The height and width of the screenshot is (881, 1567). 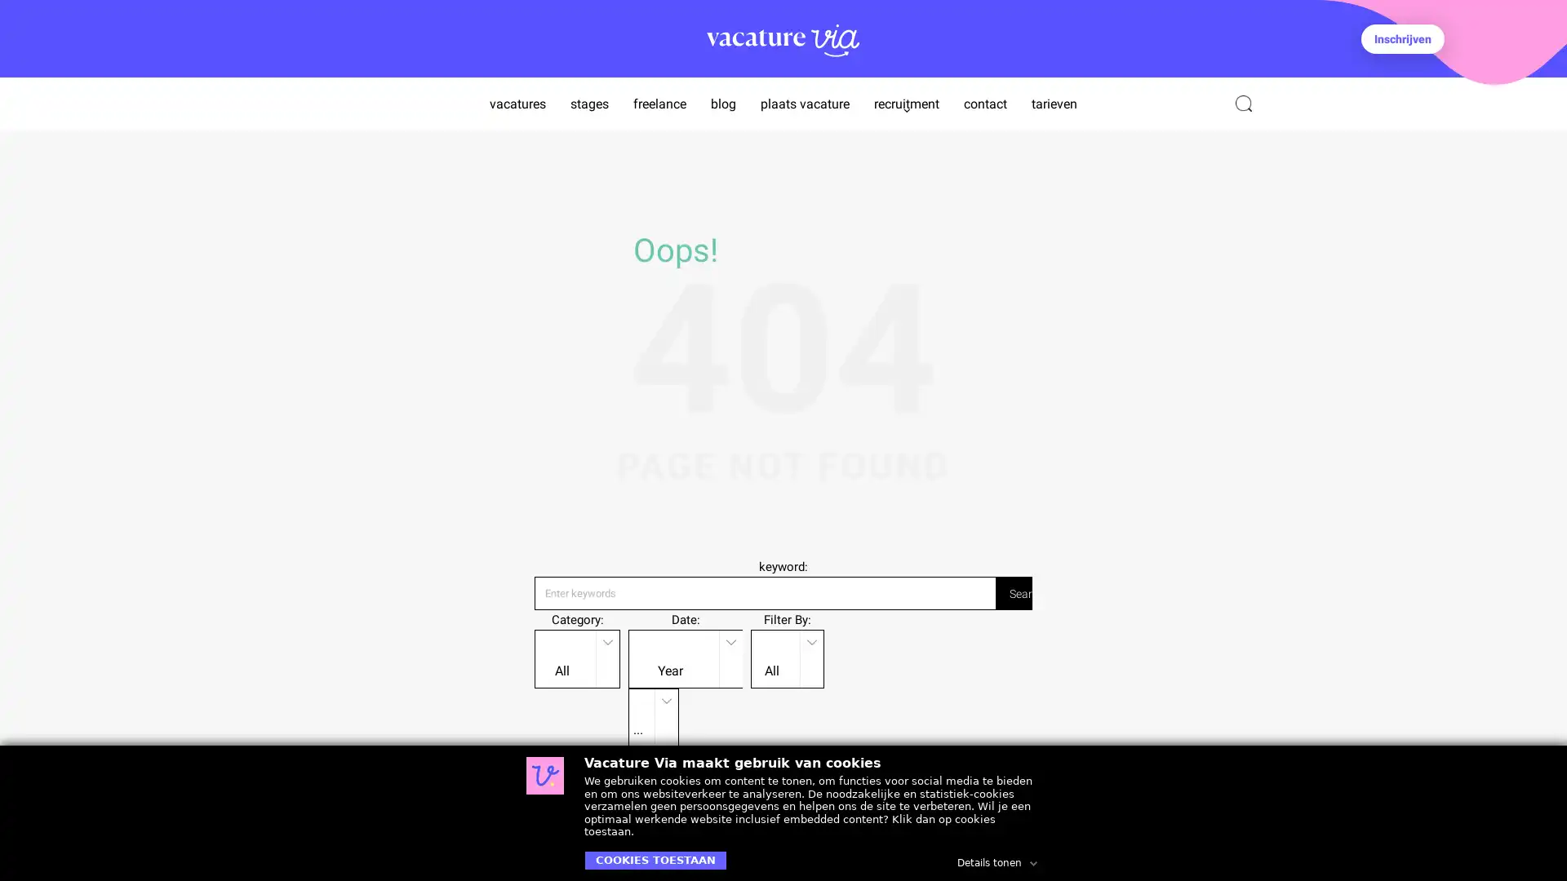 What do you see at coordinates (787, 657) in the screenshot?
I see `All All` at bounding box center [787, 657].